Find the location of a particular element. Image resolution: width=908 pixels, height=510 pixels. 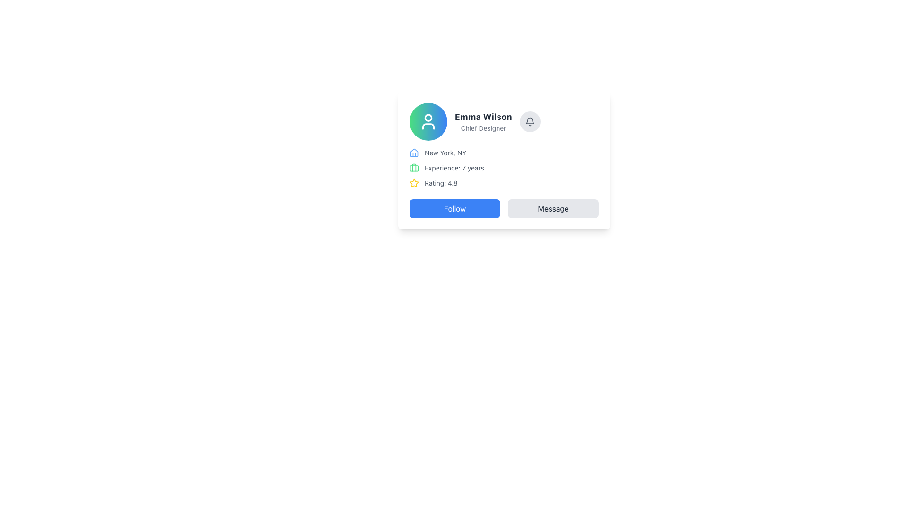

the text label 'Chief Designer', which is styled in gray and located directly below 'Emma Wilson' in the user profile card is located at coordinates (483, 128).